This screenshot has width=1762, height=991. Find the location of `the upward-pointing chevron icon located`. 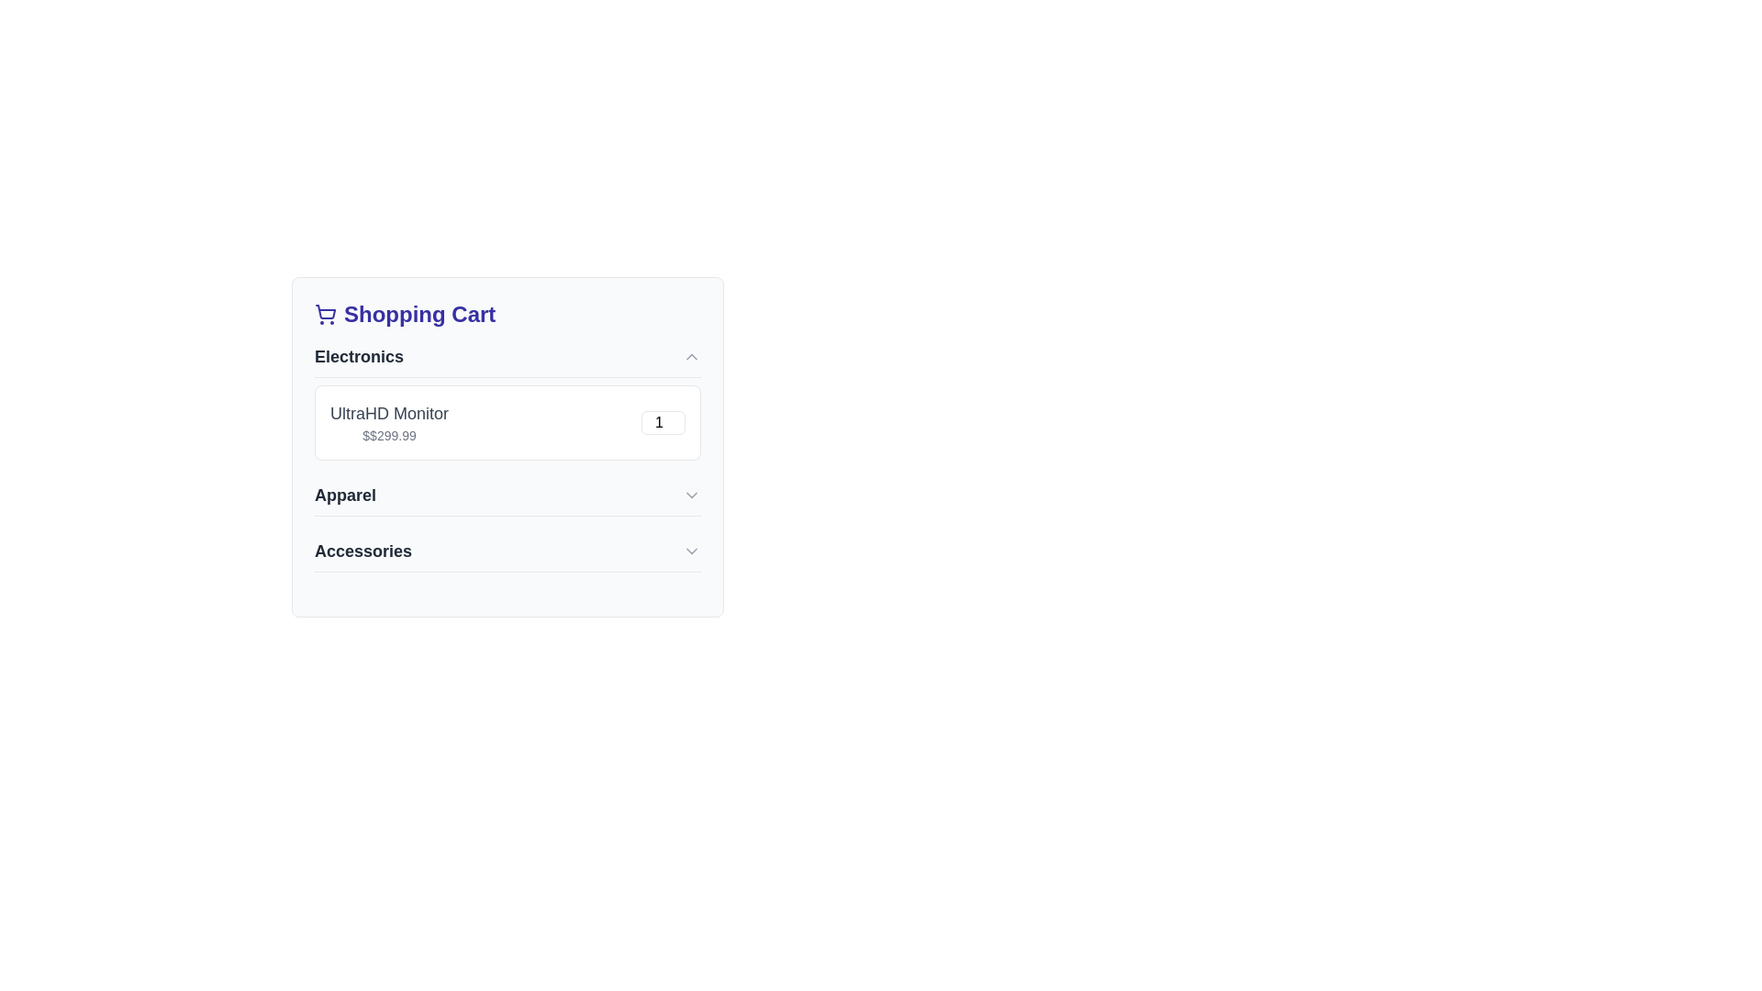

the upward-pointing chevron icon located is located at coordinates (690, 357).